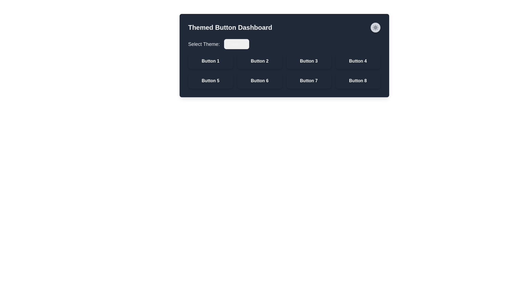 The width and height of the screenshot is (524, 295). What do you see at coordinates (309, 81) in the screenshot?
I see `the interactive element labeled 'Button 7' located in the second row and third column of the button grid` at bounding box center [309, 81].